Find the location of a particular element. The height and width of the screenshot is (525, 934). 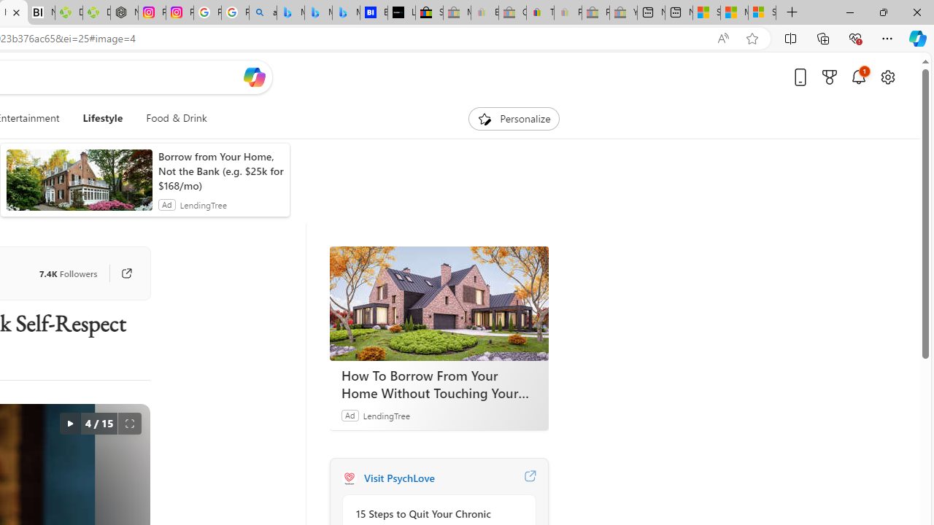

'Nordace - Nordace Edin Collection' is located at coordinates (124, 12).